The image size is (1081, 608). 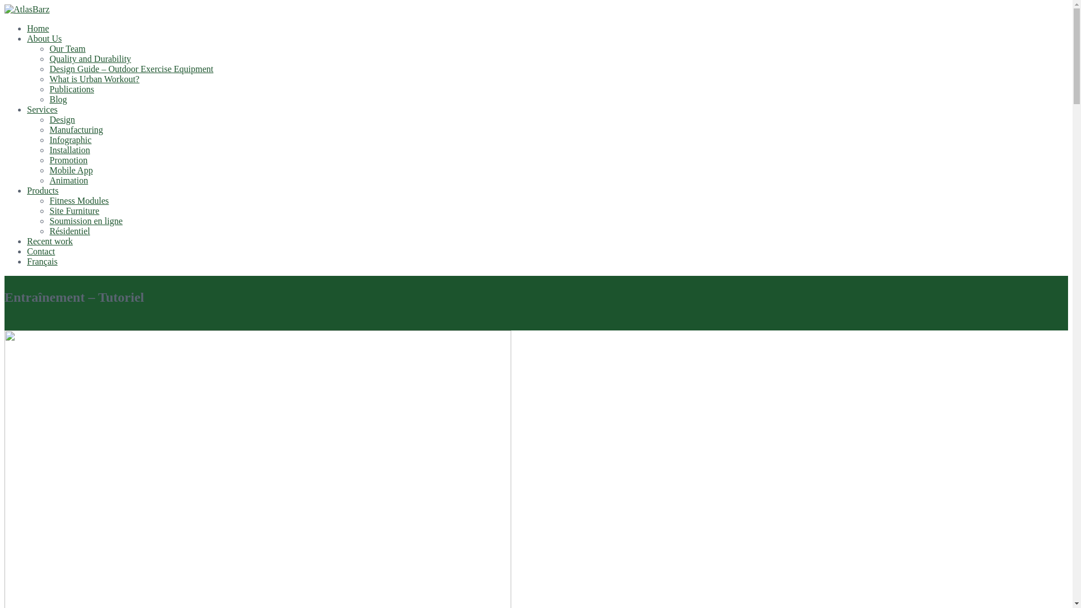 I want to click on 'Services', so click(x=42, y=109).